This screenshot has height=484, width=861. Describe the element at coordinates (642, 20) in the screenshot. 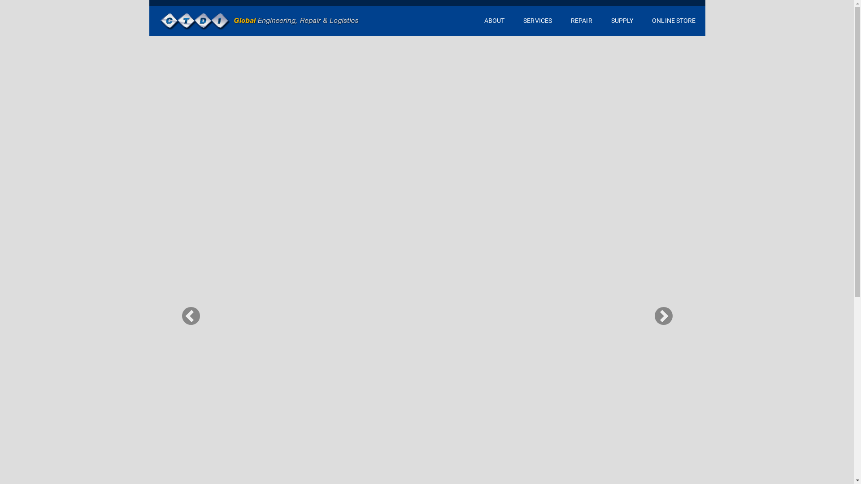

I see `'ONLINE STORE'` at that location.